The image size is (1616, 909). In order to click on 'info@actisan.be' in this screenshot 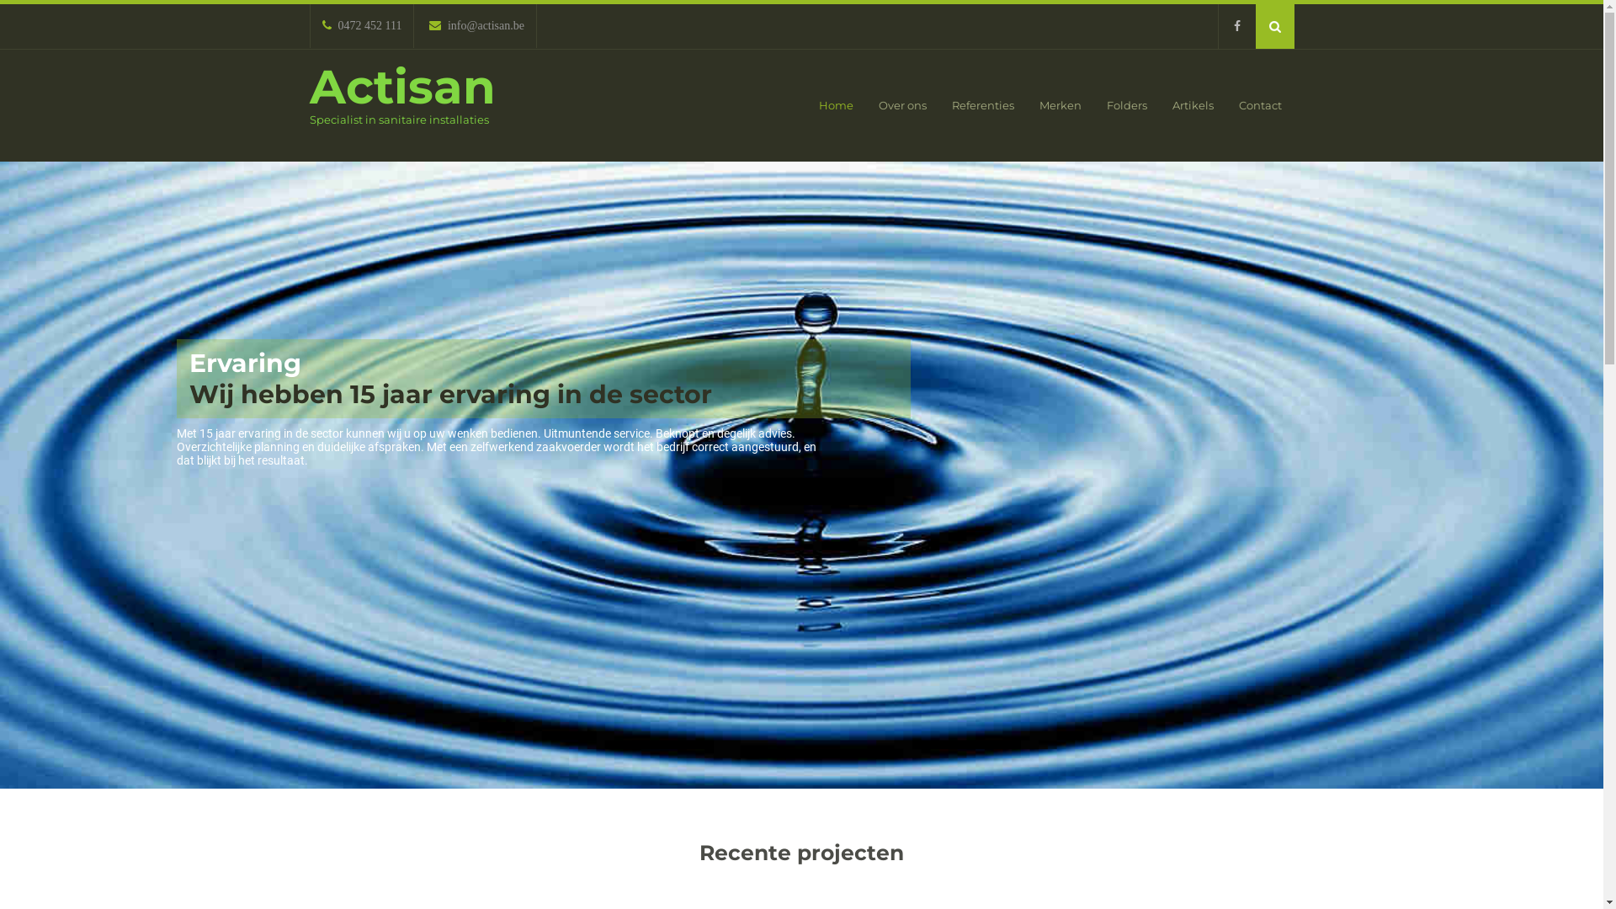, I will do `click(476, 25)`.